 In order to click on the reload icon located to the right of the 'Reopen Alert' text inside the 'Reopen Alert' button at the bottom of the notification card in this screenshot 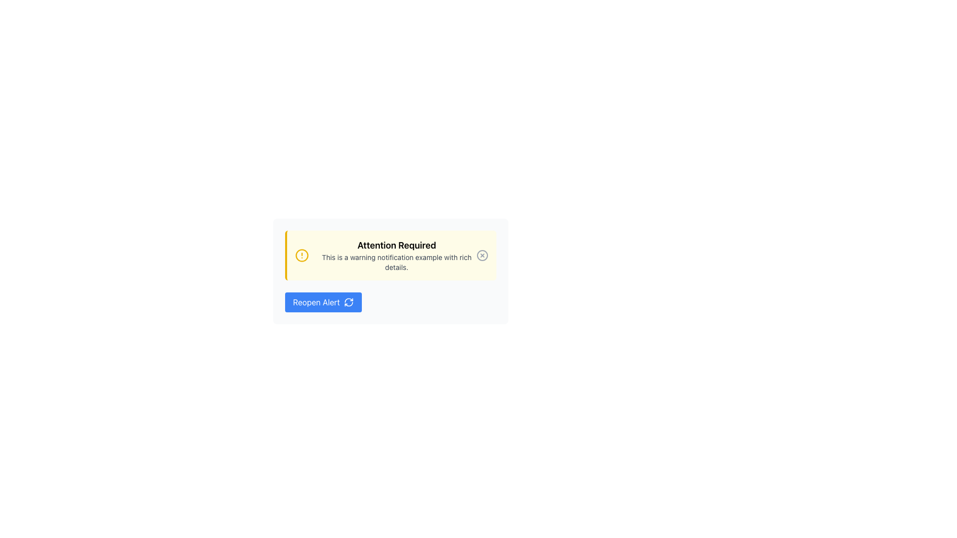, I will do `click(348, 301)`.